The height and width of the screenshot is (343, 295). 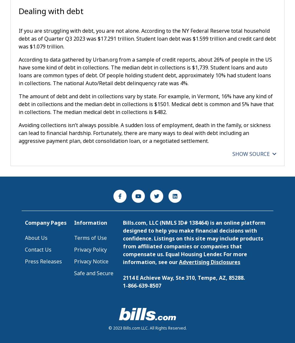 I want to click on 'Avoiding collections isn’t always possible. A sudden loss of employment, death in the family, or sickness can lead to financial hardship. Fortunately, there are many ways to deal with debt including an aggressive payment plan, debt consolidation loan, or a negotiated settlement.', so click(x=18, y=133).